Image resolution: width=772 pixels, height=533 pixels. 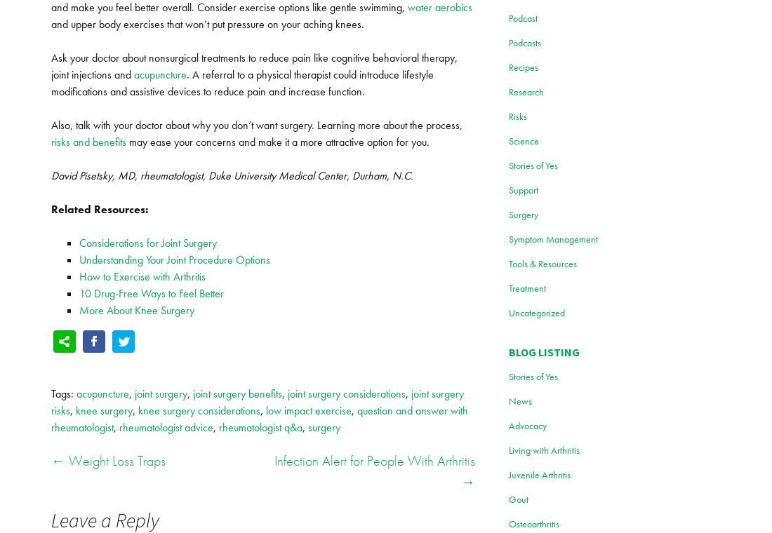 What do you see at coordinates (507, 263) in the screenshot?
I see `'Tools & Resources'` at bounding box center [507, 263].